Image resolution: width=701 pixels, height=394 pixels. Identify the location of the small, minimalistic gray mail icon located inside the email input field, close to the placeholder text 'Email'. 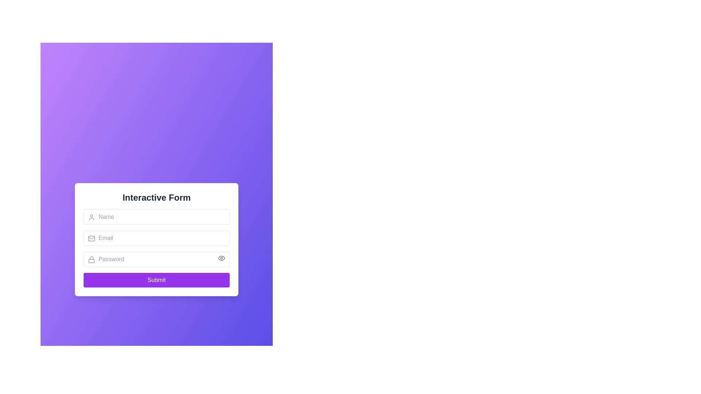
(91, 239).